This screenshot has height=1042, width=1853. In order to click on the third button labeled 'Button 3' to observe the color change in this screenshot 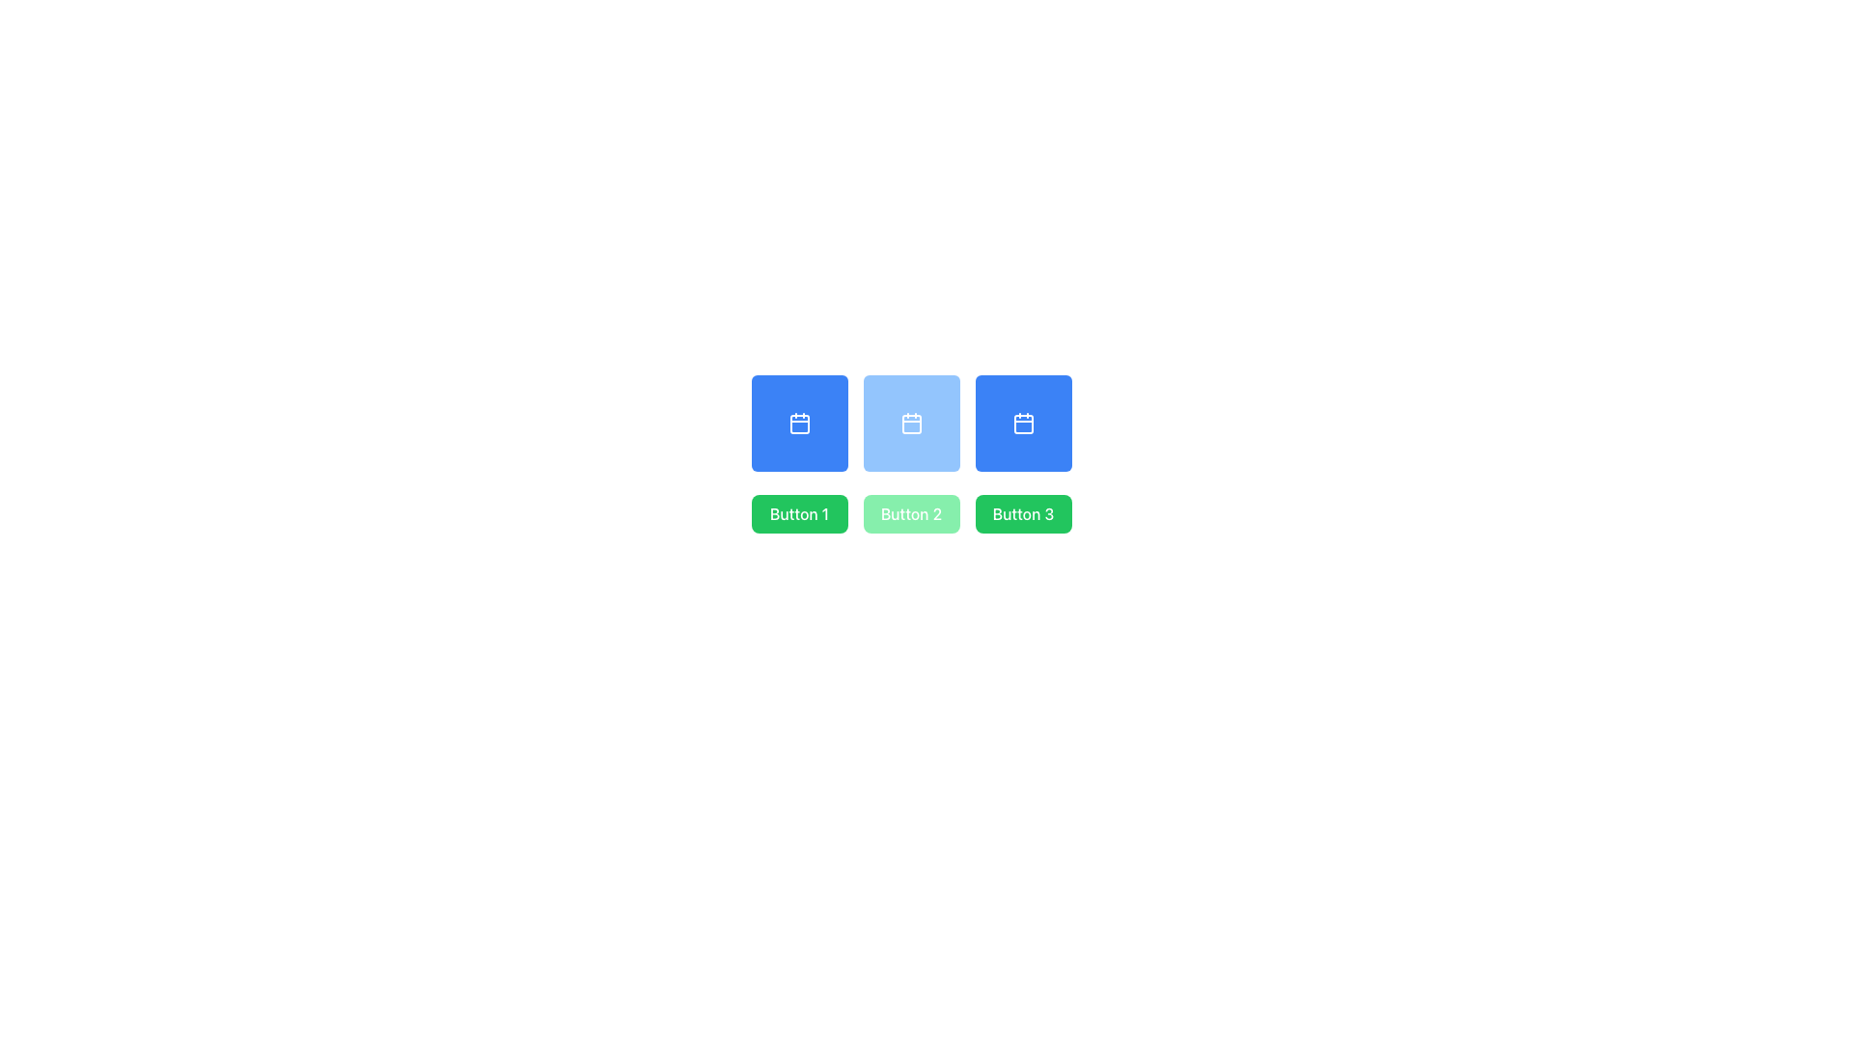, I will do `click(1022, 512)`.